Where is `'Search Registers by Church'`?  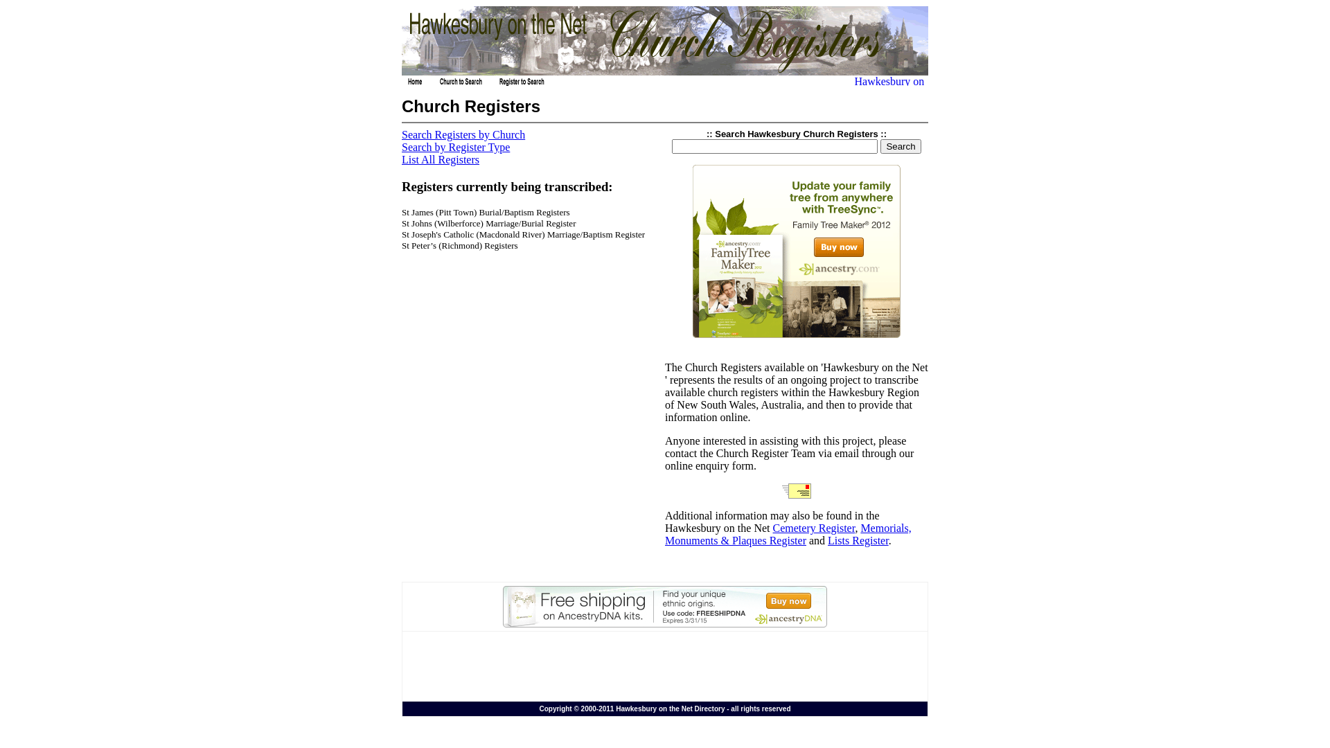 'Search Registers by Church' is located at coordinates (463, 134).